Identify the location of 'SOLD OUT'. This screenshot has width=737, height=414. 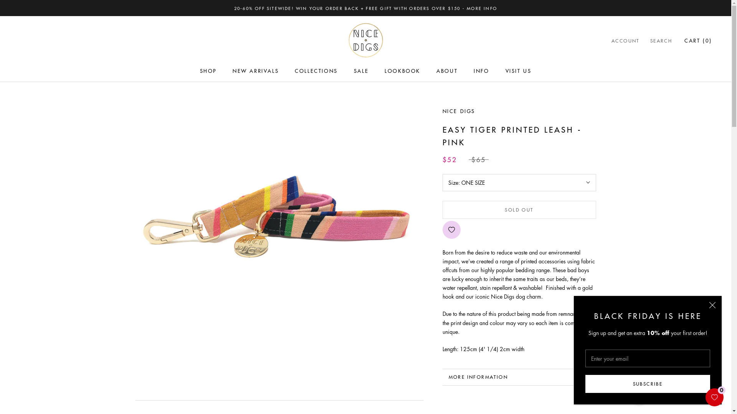
(519, 210).